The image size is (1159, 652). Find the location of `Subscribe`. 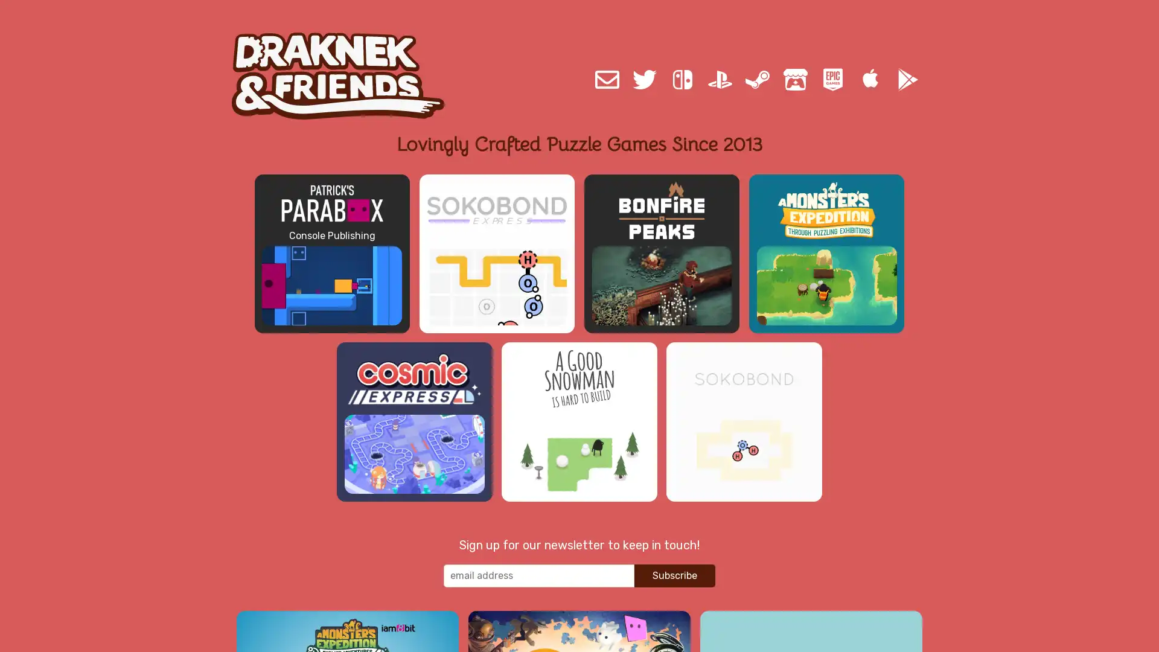

Subscribe is located at coordinates (674, 583).